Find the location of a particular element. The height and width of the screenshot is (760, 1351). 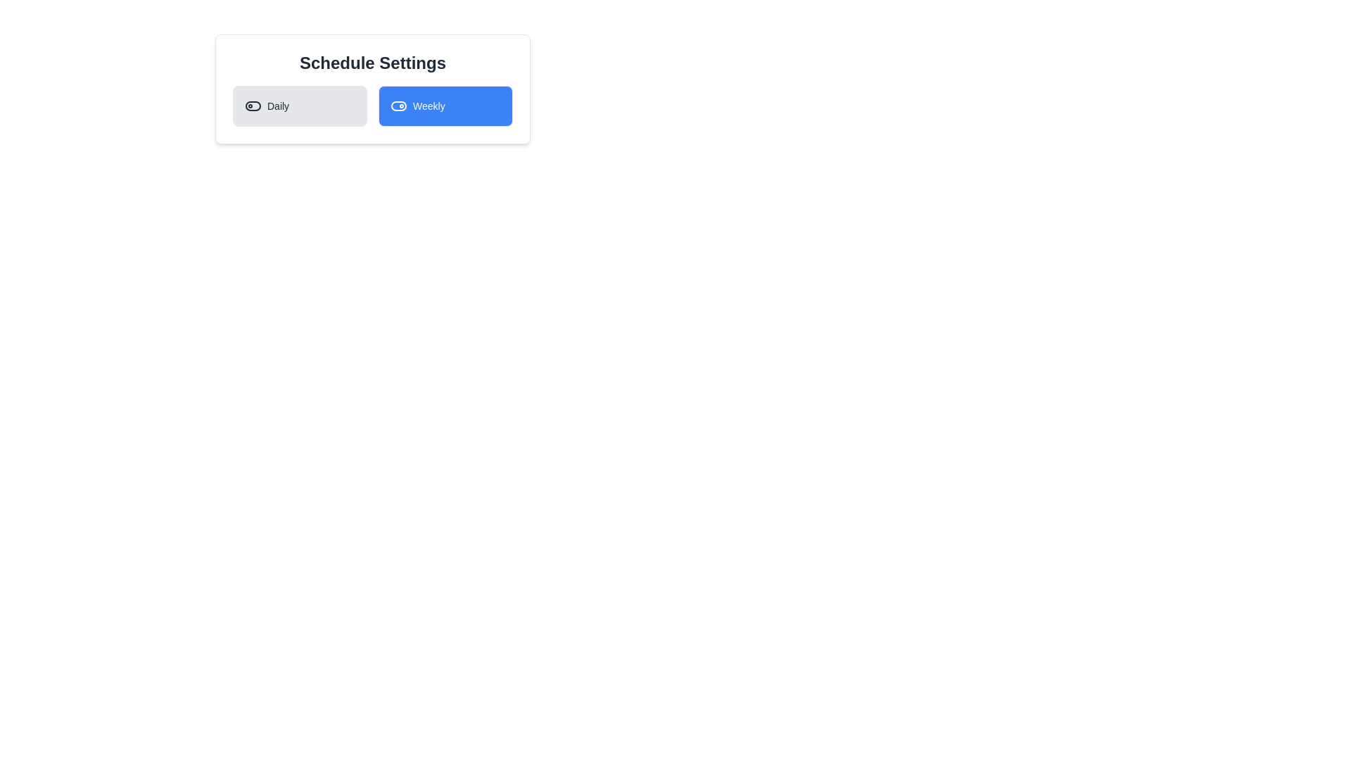

the toggle switch located inside the 'Daily' button, which is currently in the 'off' state is located at coordinates (253, 105).